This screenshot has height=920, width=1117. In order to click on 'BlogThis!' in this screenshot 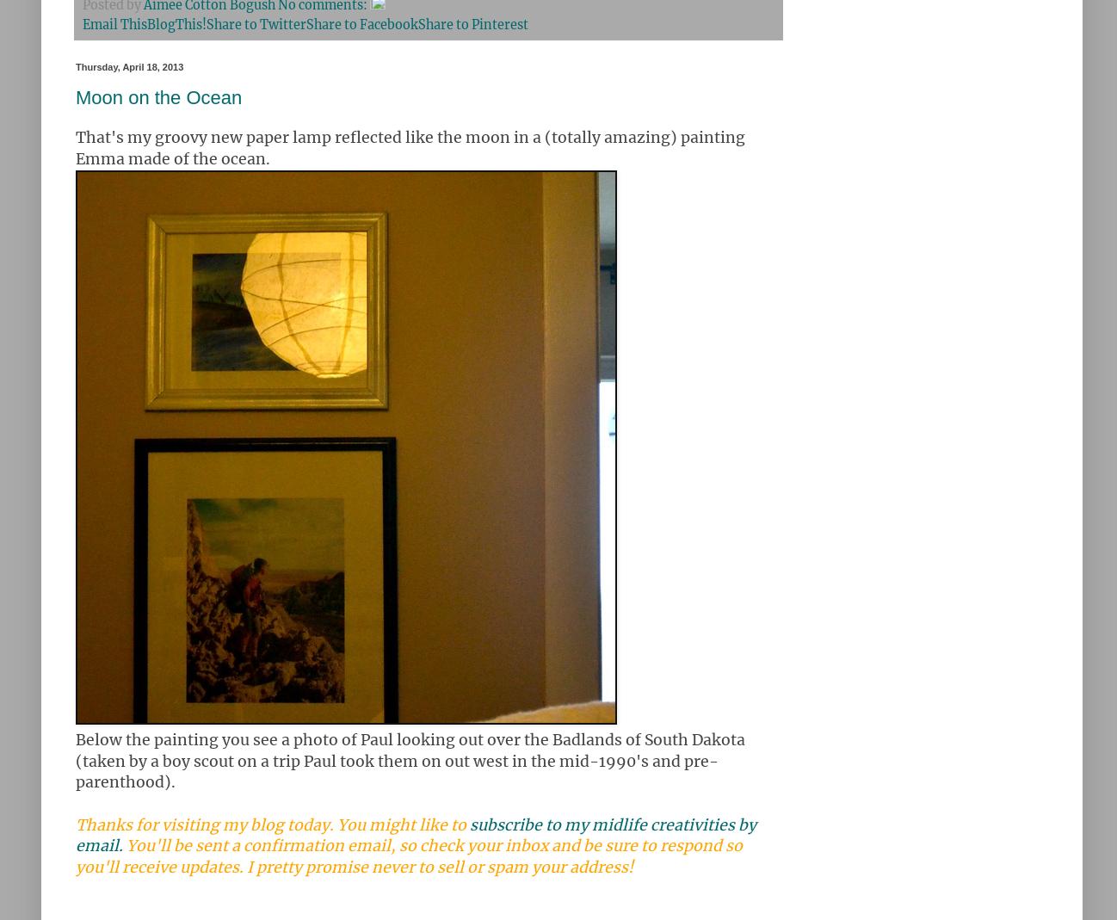, I will do `click(176, 23)`.